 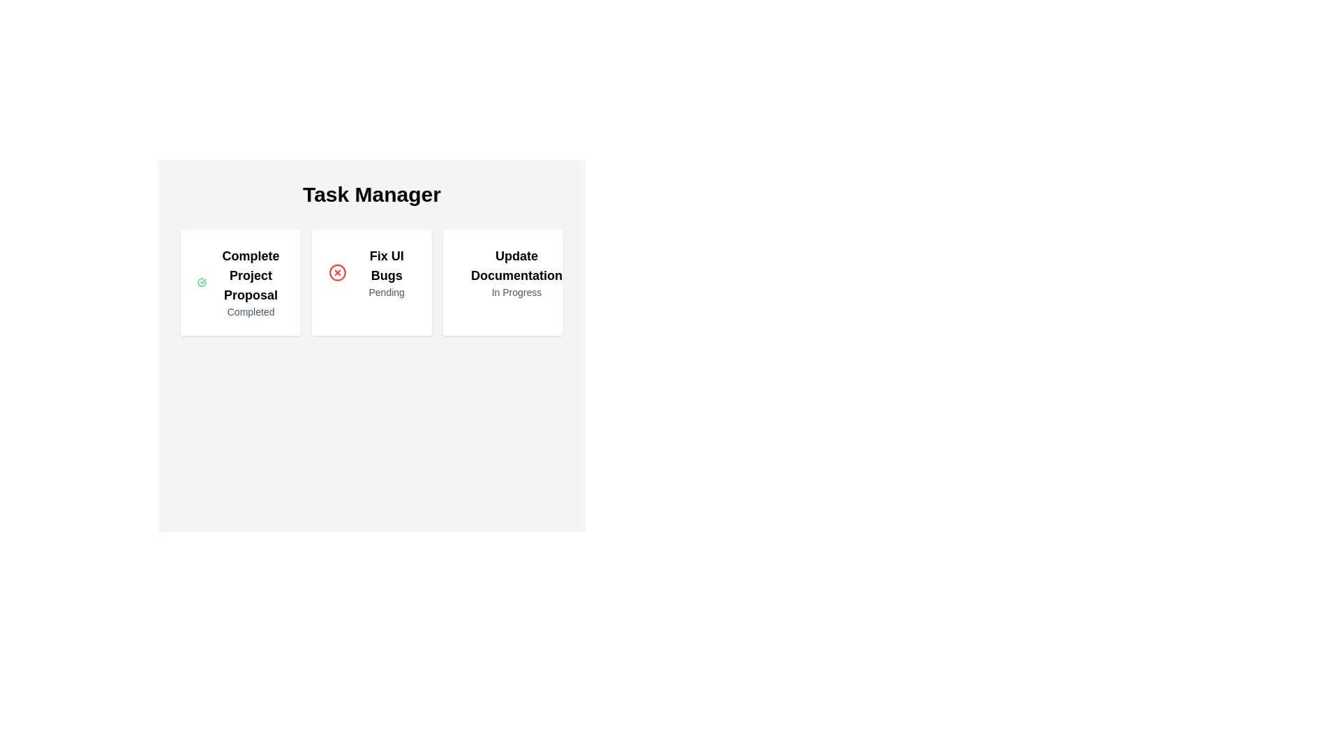 What do you see at coordinates (338, 272) in the screenshot?
I see `the SVG circle representing a notification icon indicating an error or pending status in the second task card titled 'Fix UI Bugs' within the Task Manager interface` at bounding box center [338, 272].